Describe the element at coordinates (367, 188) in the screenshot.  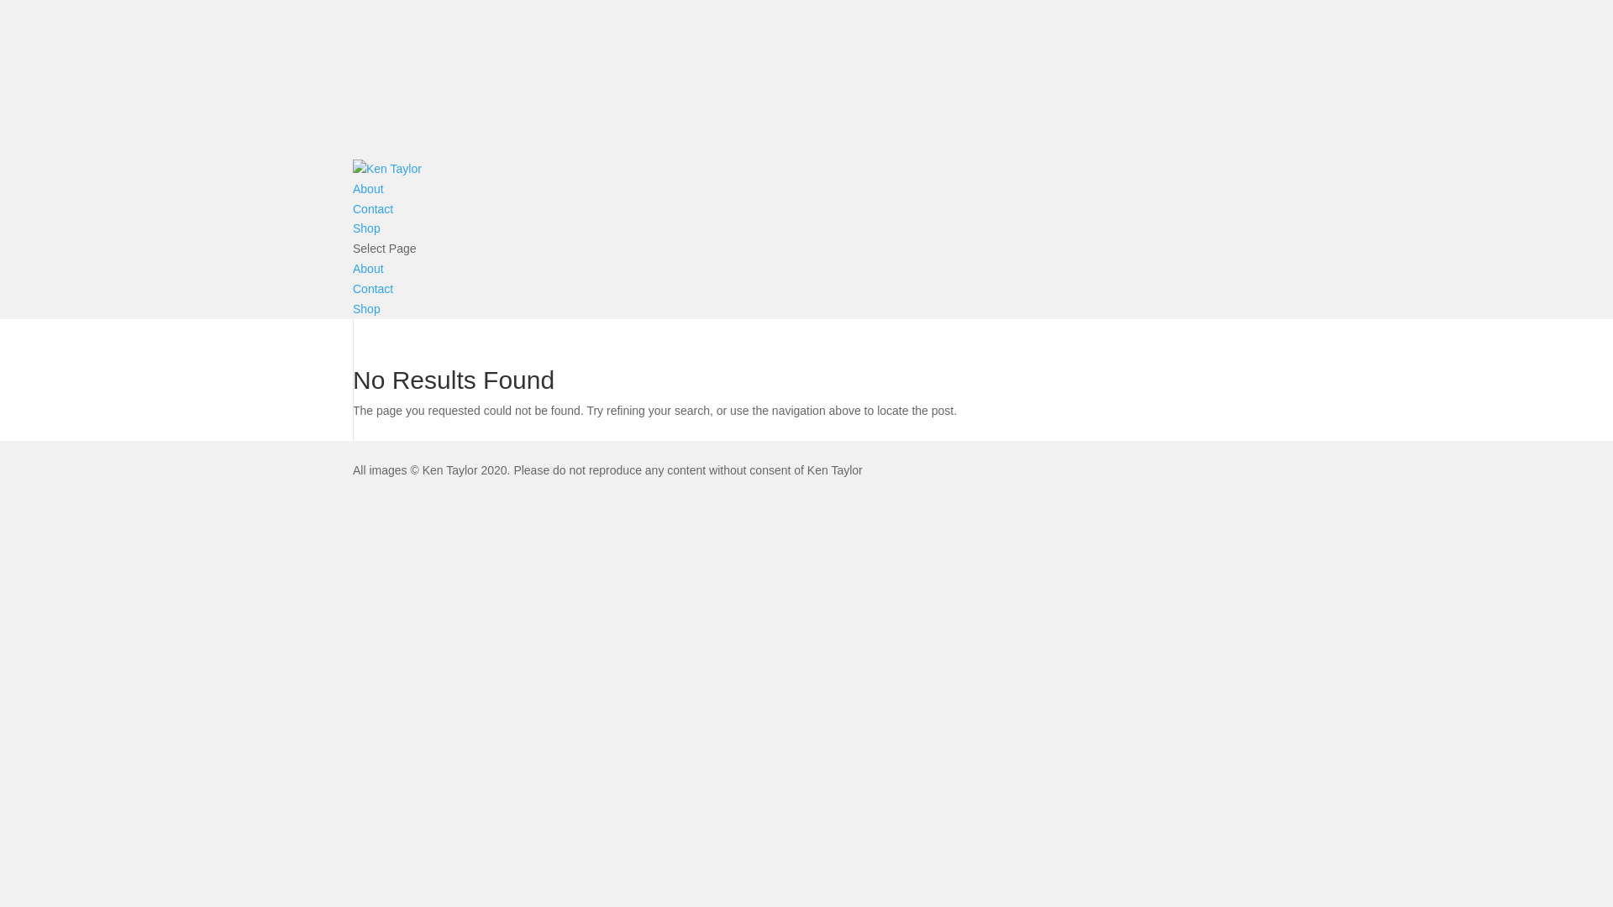
I see `'About'` at that location.